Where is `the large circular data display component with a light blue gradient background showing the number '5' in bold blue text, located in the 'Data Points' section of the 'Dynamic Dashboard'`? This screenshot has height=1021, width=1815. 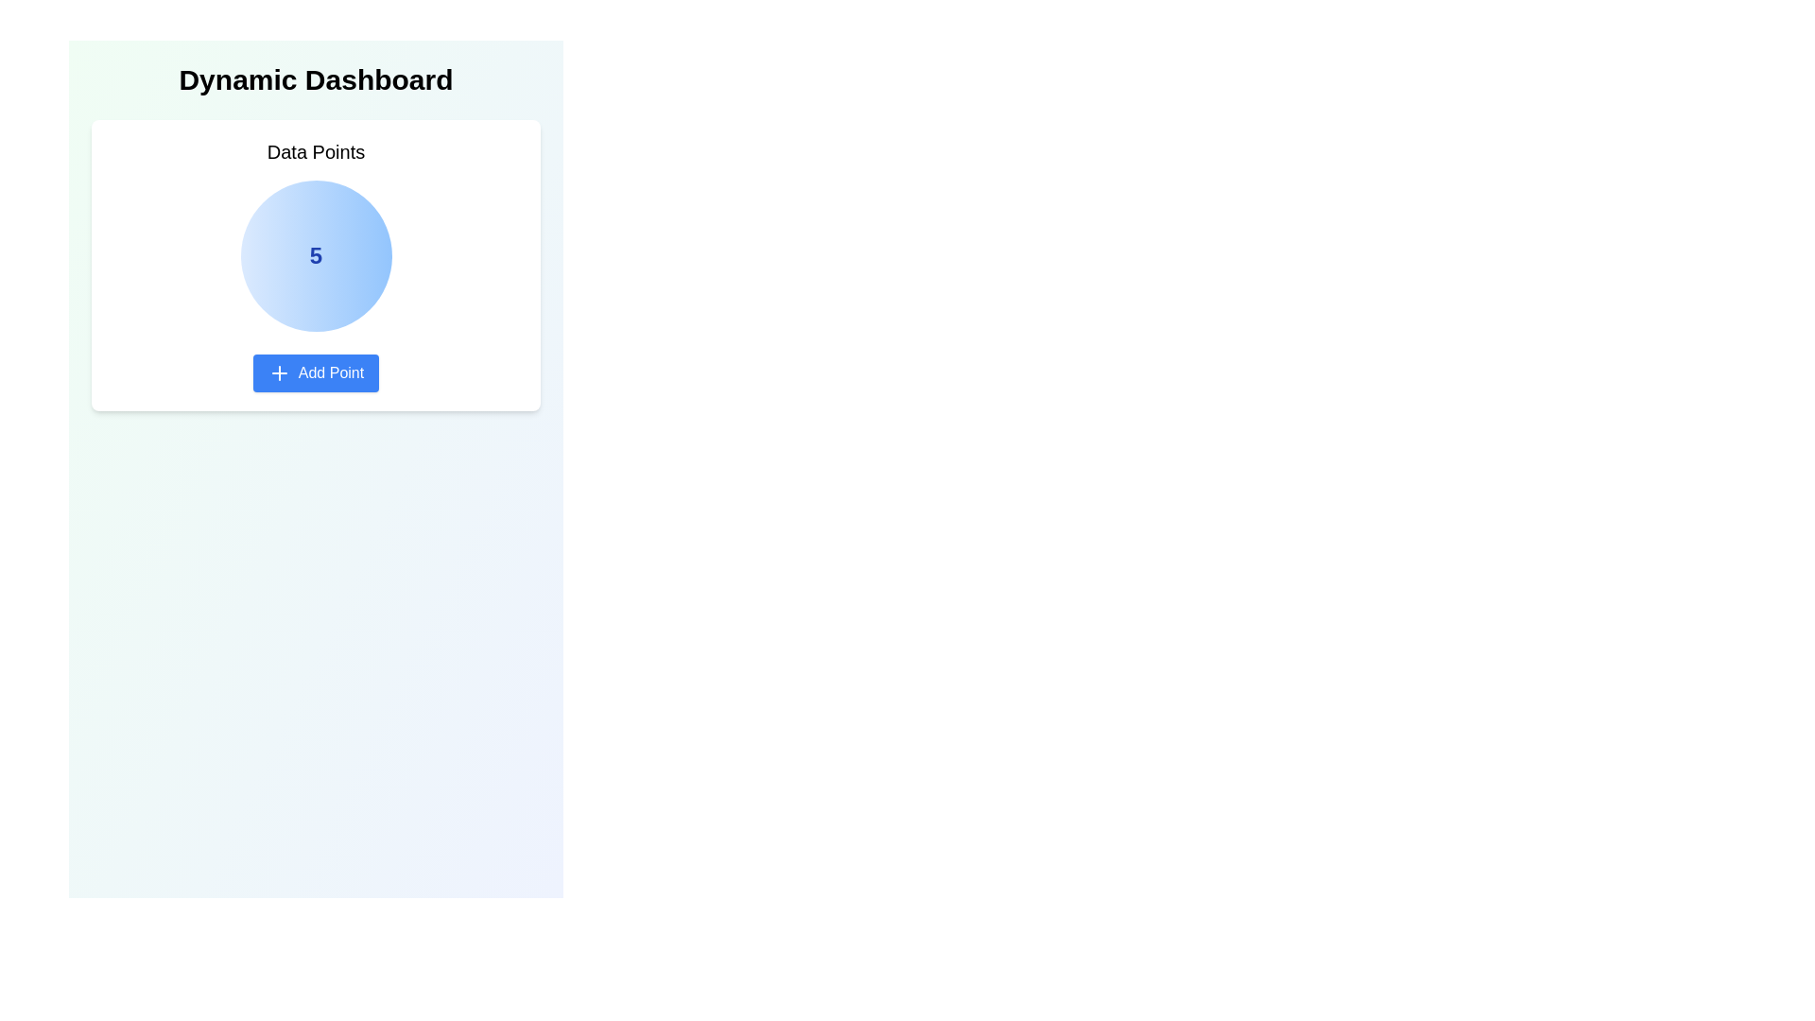 the large circular data display component with a light blue gradient background showing the number '5' in bold blue text, located in the 'Data Points' section of the 'Dynamic Dashboard' is located at coordinates (316, 266).